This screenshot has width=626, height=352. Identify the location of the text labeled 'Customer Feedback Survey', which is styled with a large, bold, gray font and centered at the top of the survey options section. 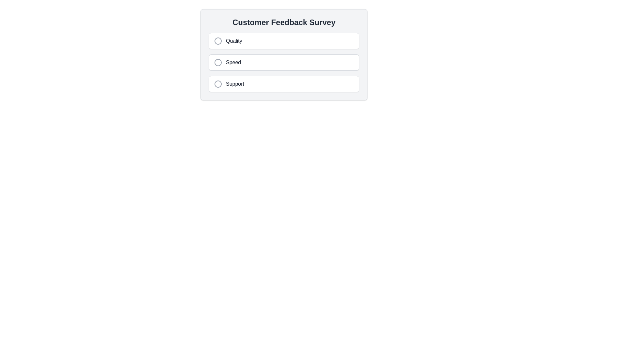
(284, 22).